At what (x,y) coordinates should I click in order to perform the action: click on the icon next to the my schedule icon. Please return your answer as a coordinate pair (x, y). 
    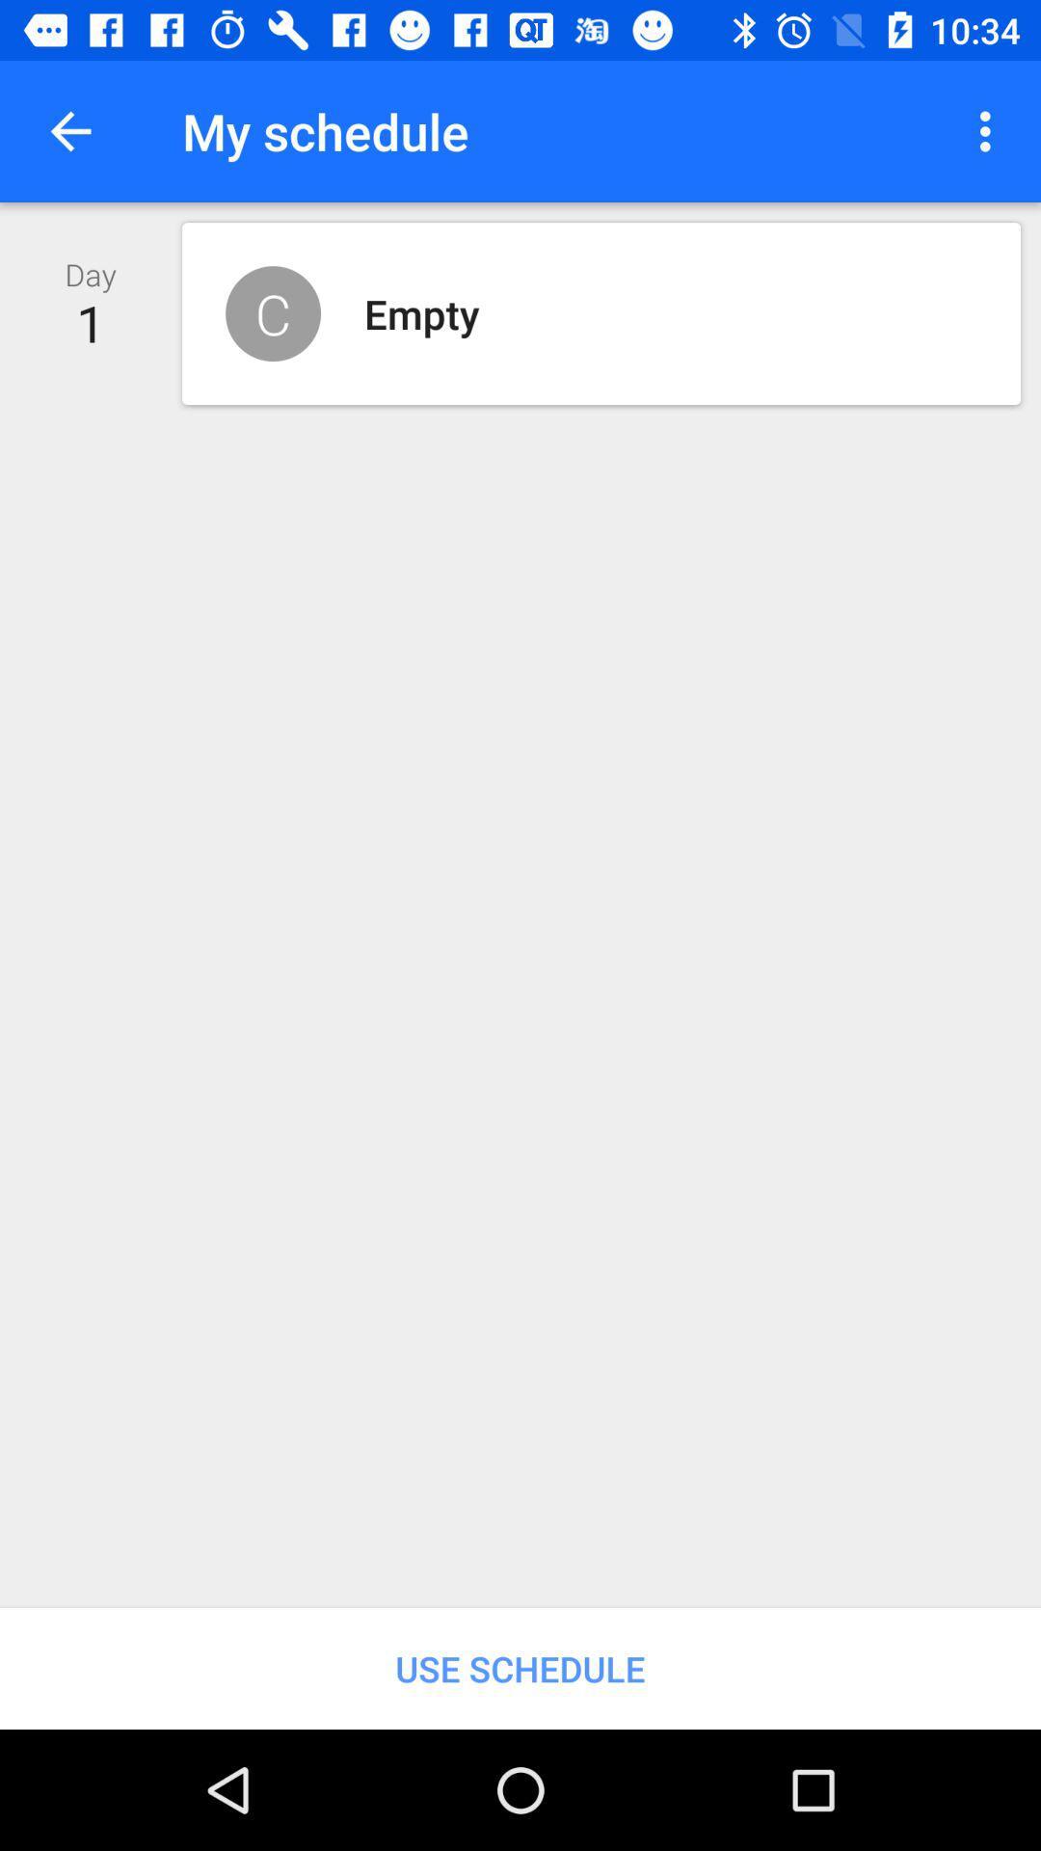
    Looking at the image, I should click on (990, 130).